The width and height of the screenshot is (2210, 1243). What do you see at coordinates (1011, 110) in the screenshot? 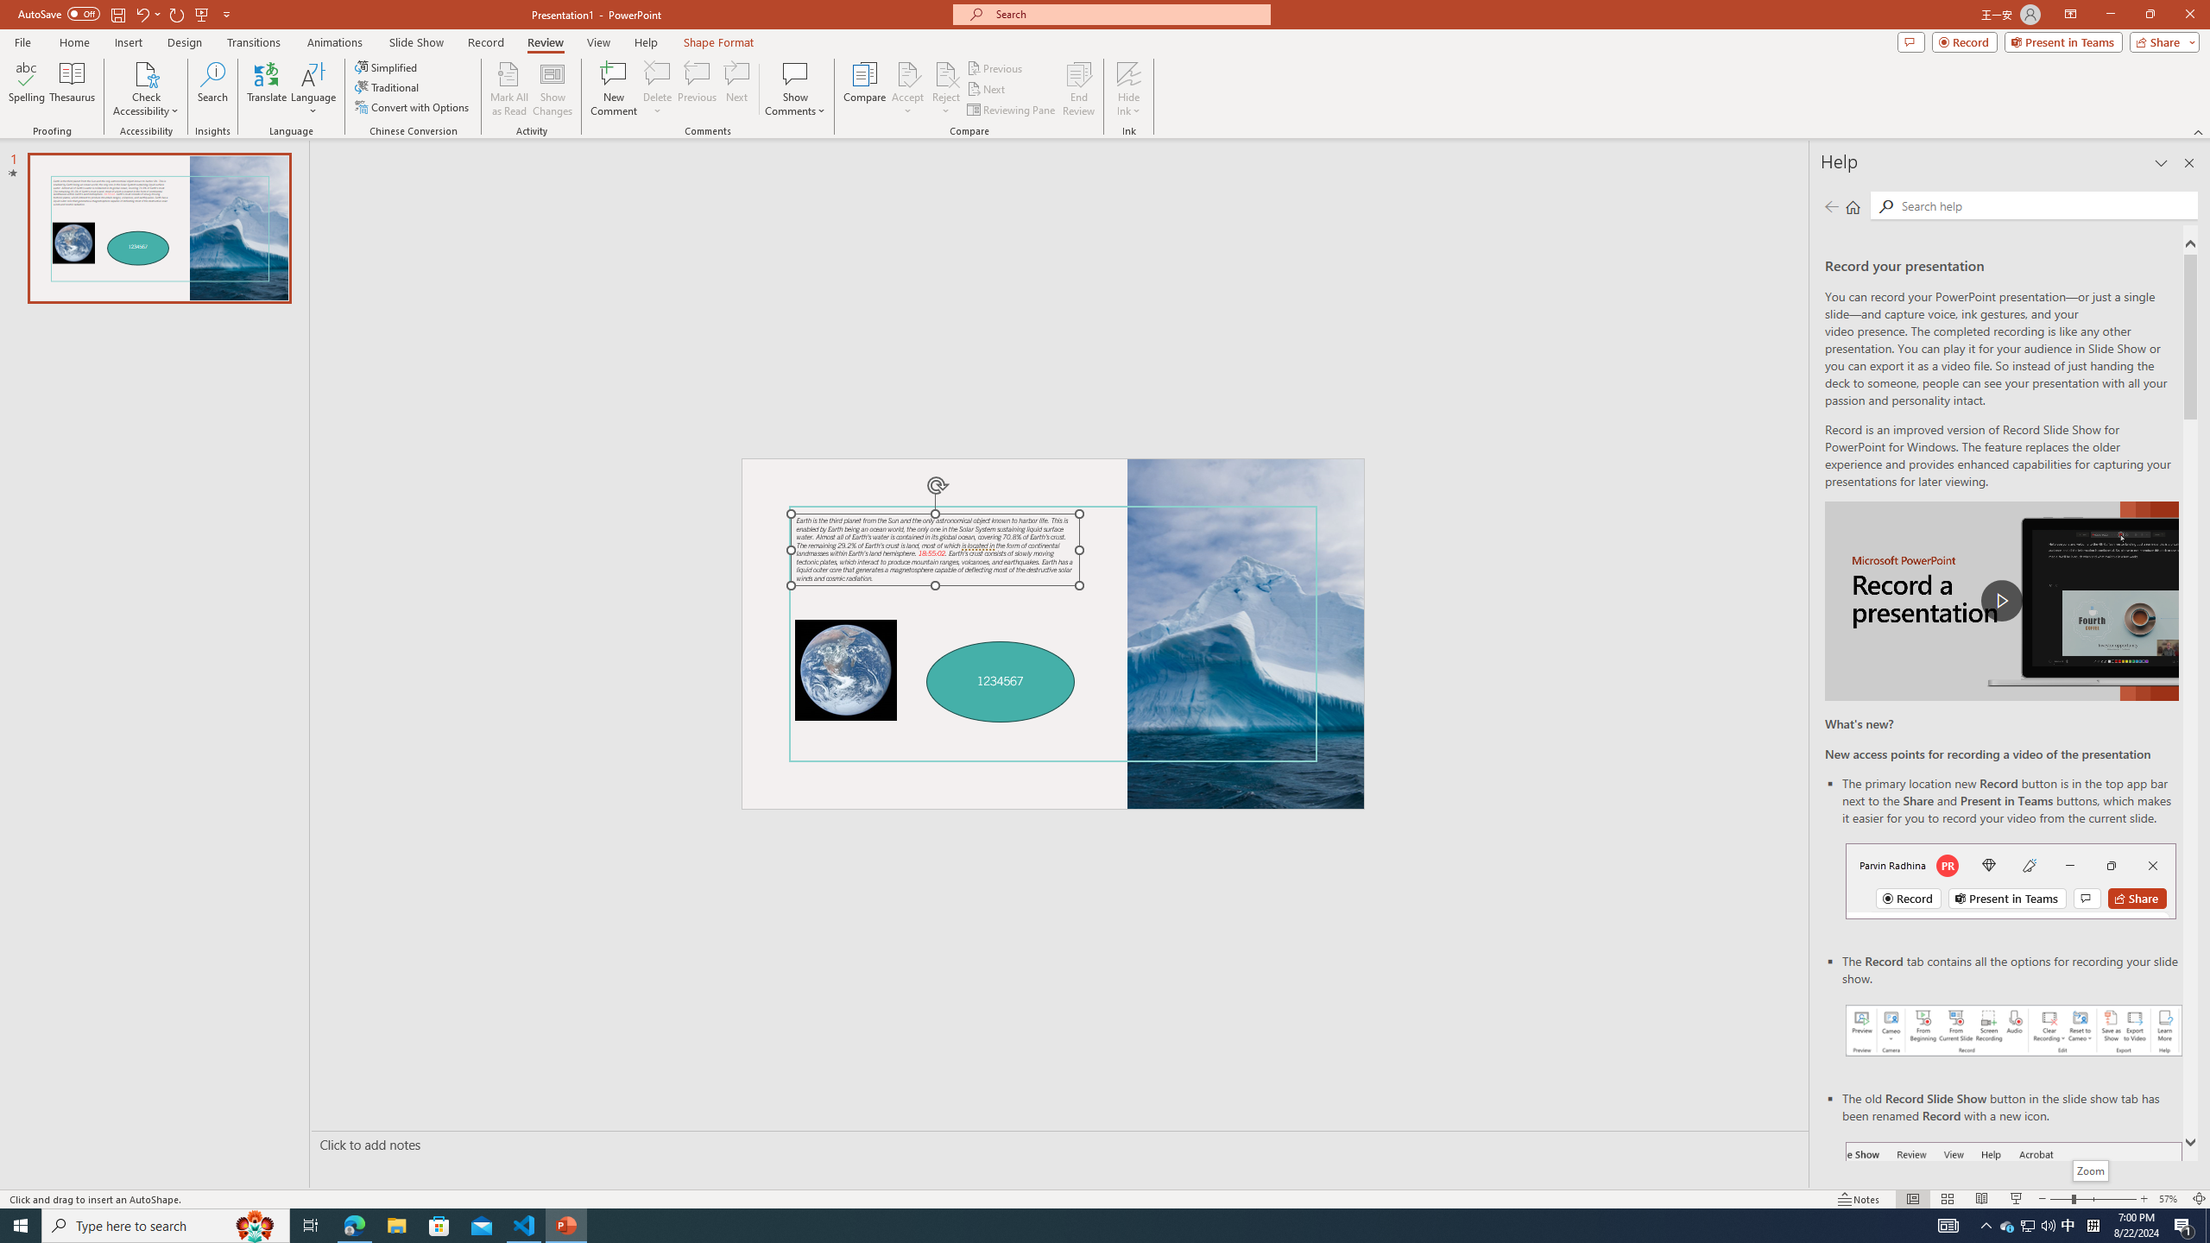
I see `'Reviewing Pane'` at bounding box center [1011, 110].